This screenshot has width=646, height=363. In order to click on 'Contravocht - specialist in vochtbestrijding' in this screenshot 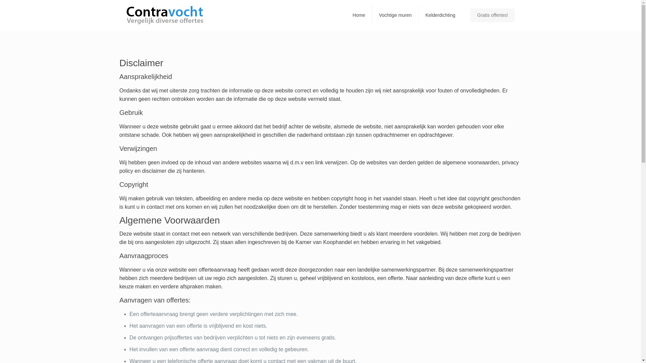, I will do `click(165, 15)`.